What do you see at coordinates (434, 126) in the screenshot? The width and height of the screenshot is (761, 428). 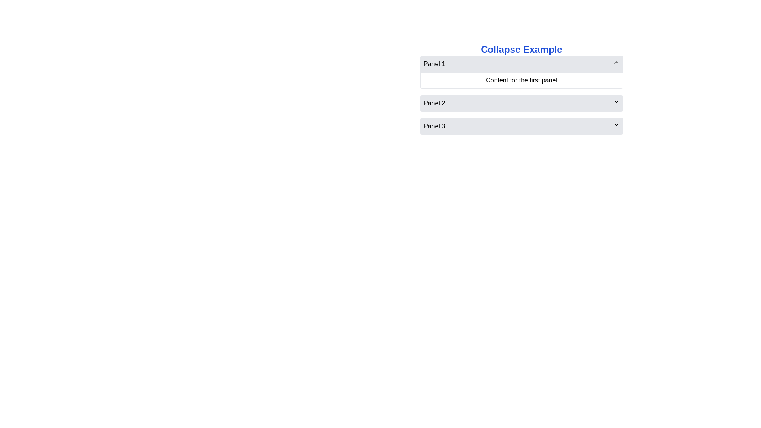 I see `the text label of the third collapsible panel, which is part of the interactive header for toggling the panel's visibility` at bounding box center [434, 126].